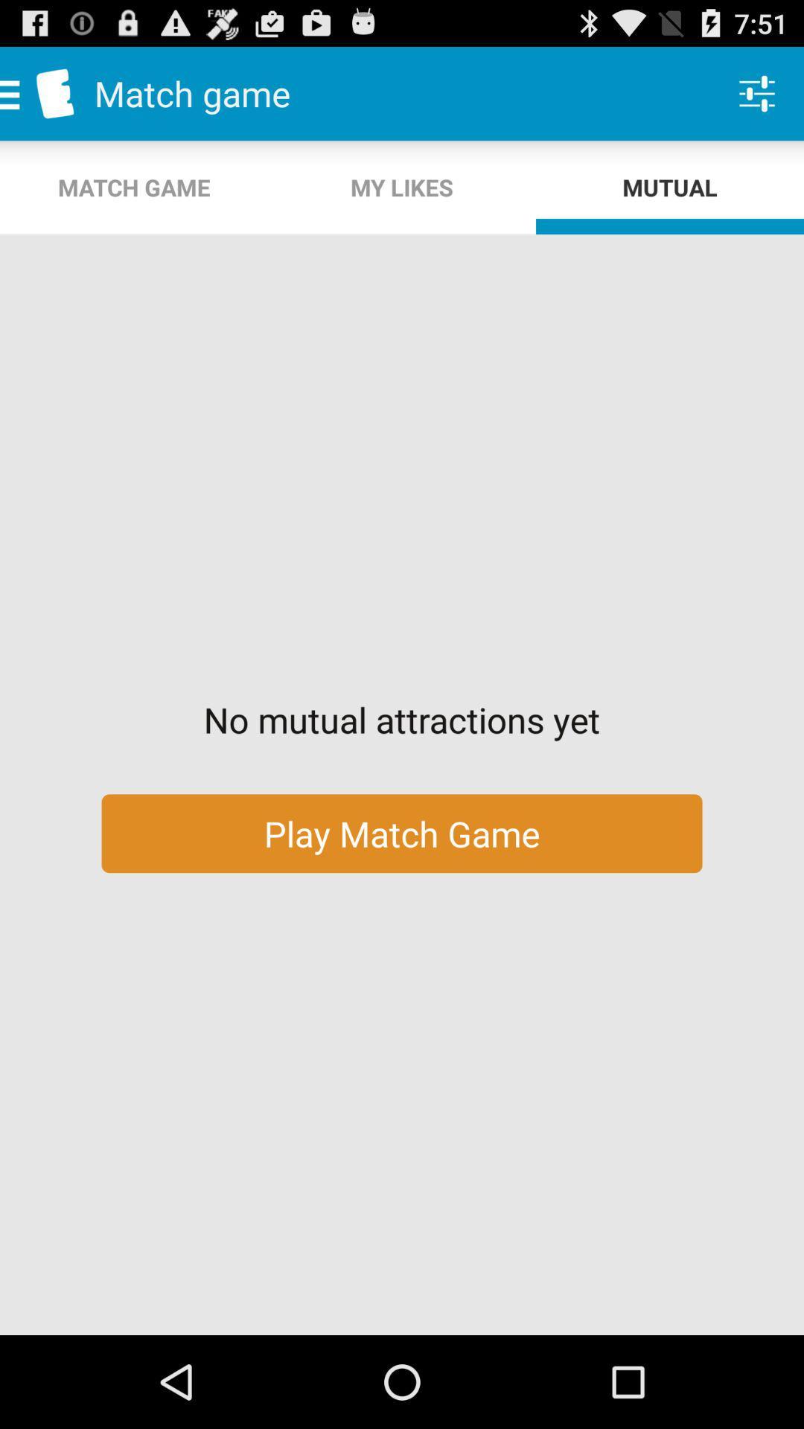  What do you see at coordinates (757, 92) in the screenshot?
I see `app next to my likes` at bounding box center [757, 92].